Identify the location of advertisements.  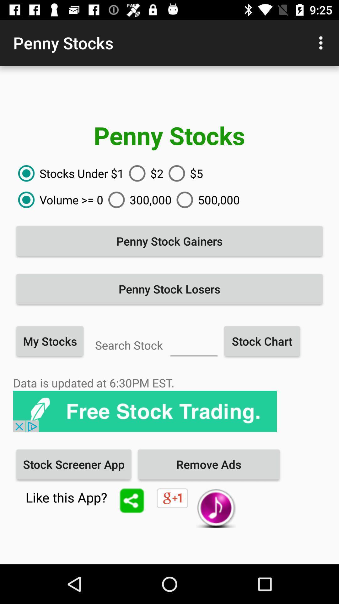
(145, 411).